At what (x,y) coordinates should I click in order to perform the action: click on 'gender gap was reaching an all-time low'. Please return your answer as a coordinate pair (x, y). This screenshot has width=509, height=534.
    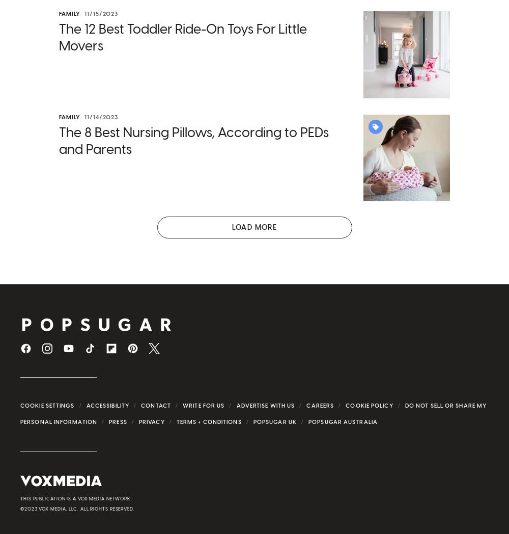
    Looking at the image, I should click on (212, 85).